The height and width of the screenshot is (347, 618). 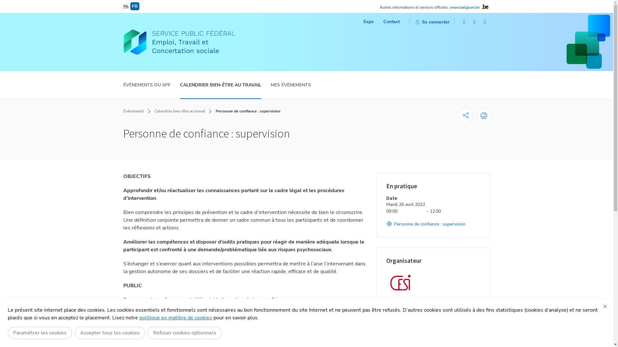 I want to click on 'Twitter', so click(x=474, y=22).